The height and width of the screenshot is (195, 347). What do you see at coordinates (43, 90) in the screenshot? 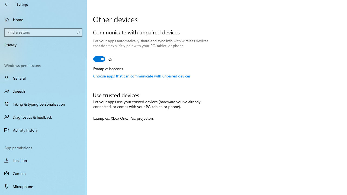
I see `'Speech'` at bounding box center [43, 90].